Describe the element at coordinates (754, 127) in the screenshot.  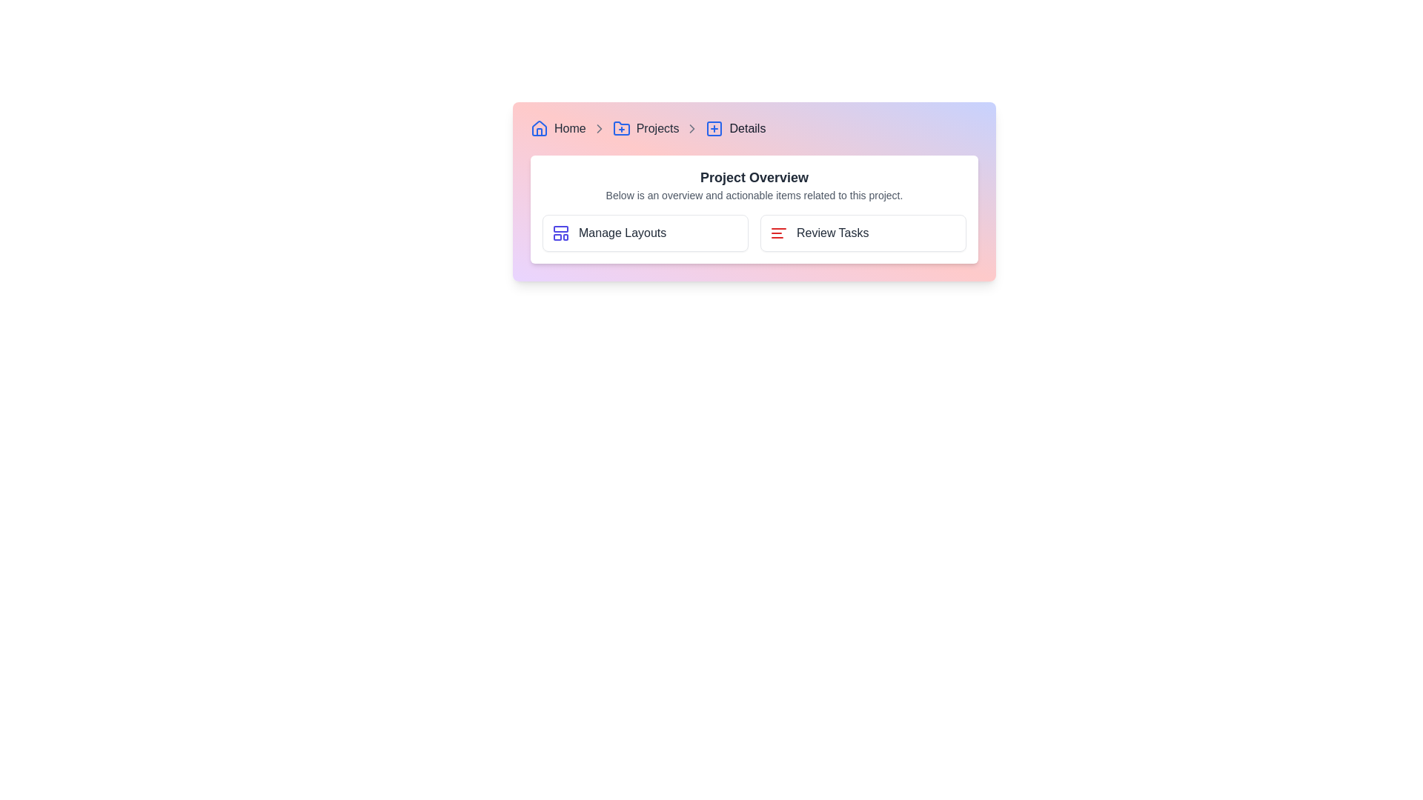
I see `the bold 'Details' segment of the breadcrumb navigation bar` at that location.